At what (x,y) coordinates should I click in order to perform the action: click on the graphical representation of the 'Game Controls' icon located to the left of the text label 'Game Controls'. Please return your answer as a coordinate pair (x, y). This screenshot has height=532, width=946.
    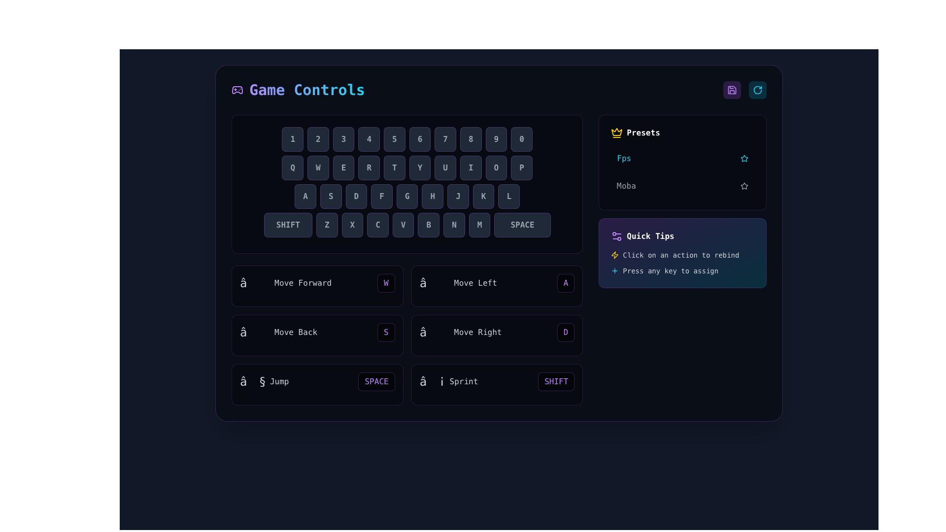
    Looking at the image, I should click on (237, 90).